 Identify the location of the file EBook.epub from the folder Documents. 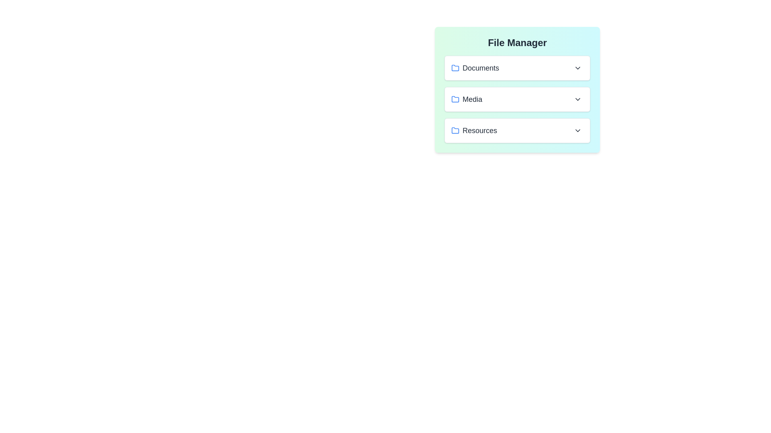
(517, 67).